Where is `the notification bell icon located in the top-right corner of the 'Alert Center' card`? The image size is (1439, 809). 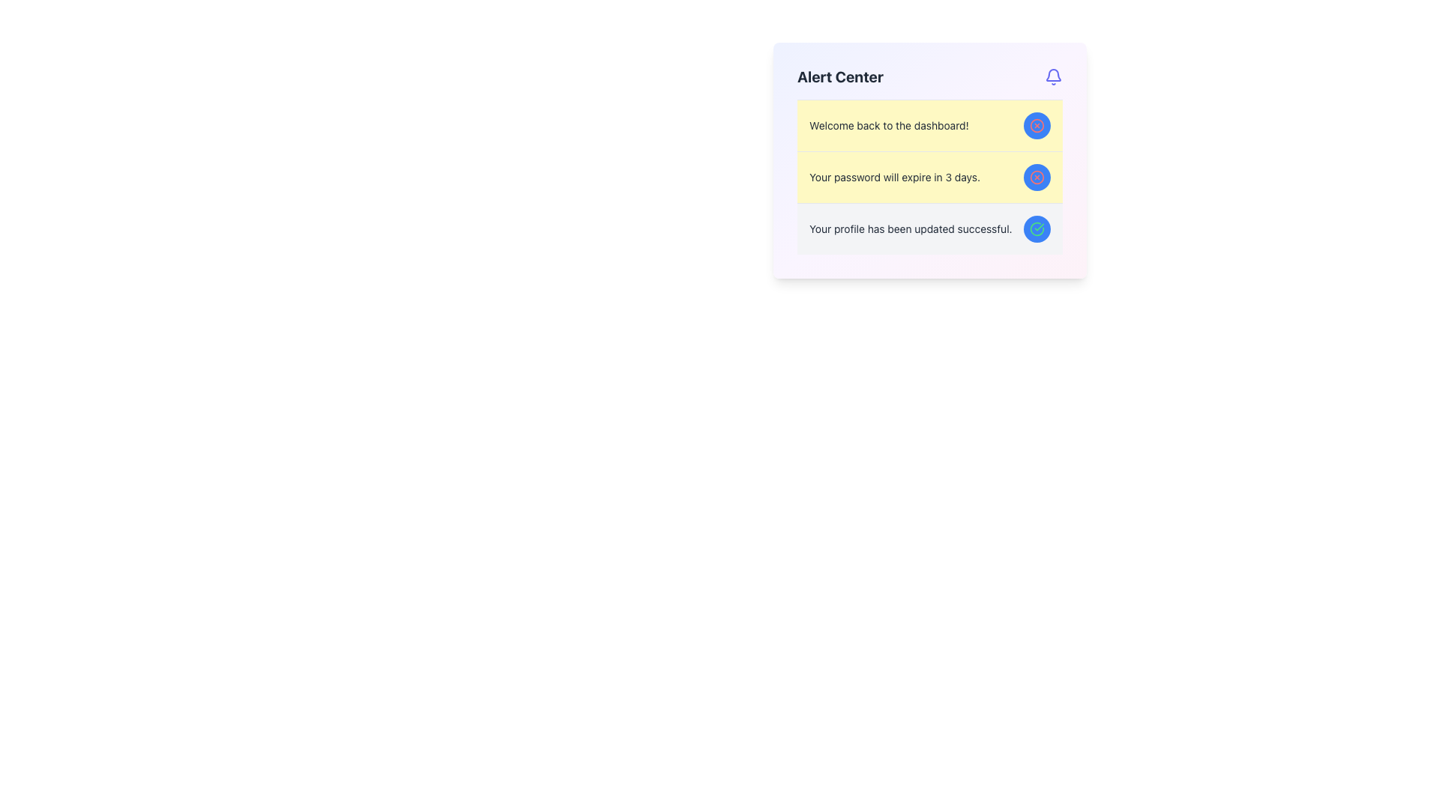 the notification bell icon located in the top-right corner of the 'Alert Center' card is located at coordinates (1053, 77).